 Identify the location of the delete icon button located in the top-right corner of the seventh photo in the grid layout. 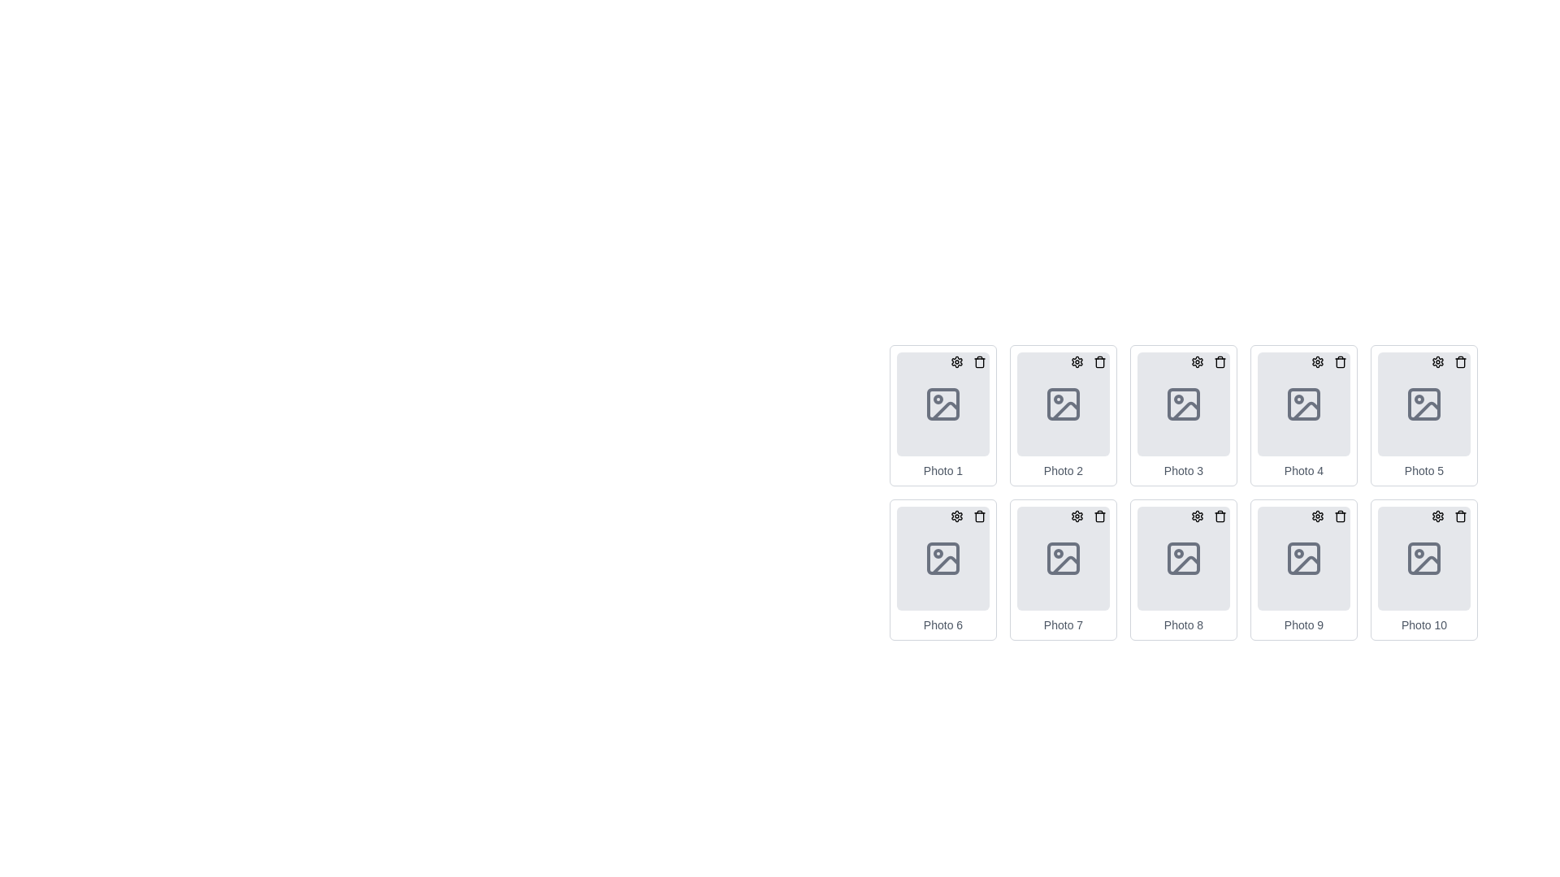
(1099, 516).